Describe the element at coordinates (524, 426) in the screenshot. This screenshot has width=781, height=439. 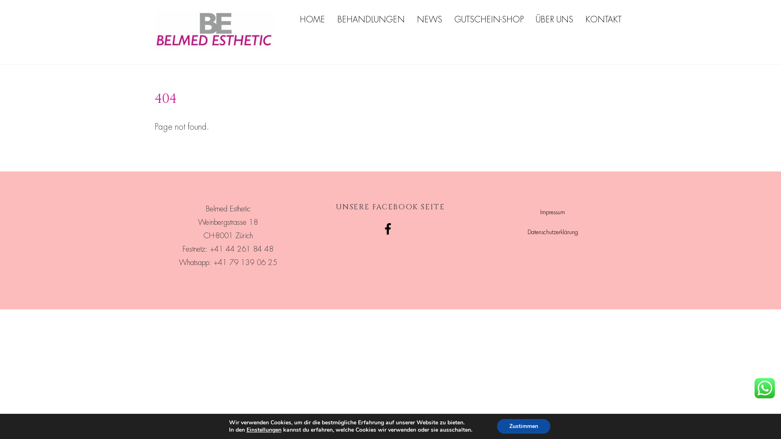
I see `'Zustimmen'` at that location.